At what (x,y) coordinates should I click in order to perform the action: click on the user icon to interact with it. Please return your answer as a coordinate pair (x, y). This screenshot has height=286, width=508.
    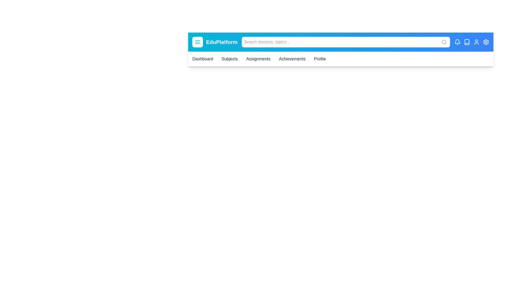
    Looking at the image, I should click on (476, 42).